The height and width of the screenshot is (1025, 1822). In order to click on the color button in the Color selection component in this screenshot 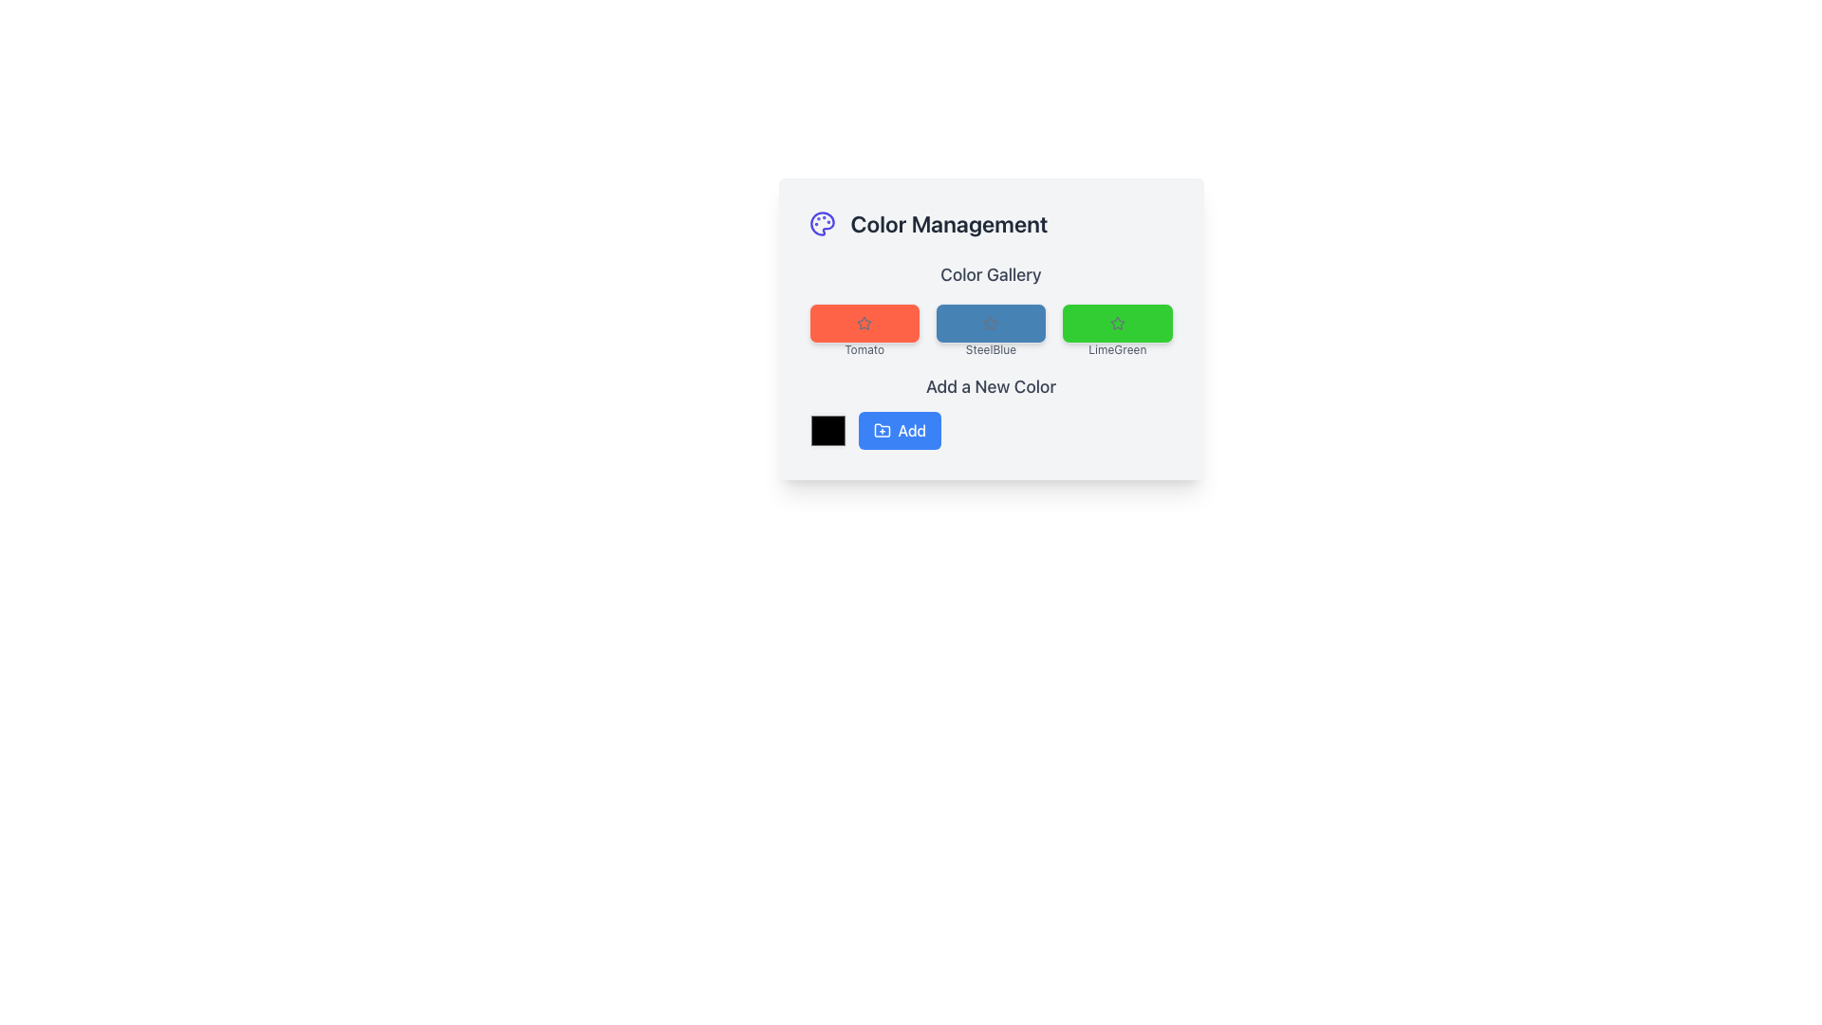, I will do `click(990, 302)`.